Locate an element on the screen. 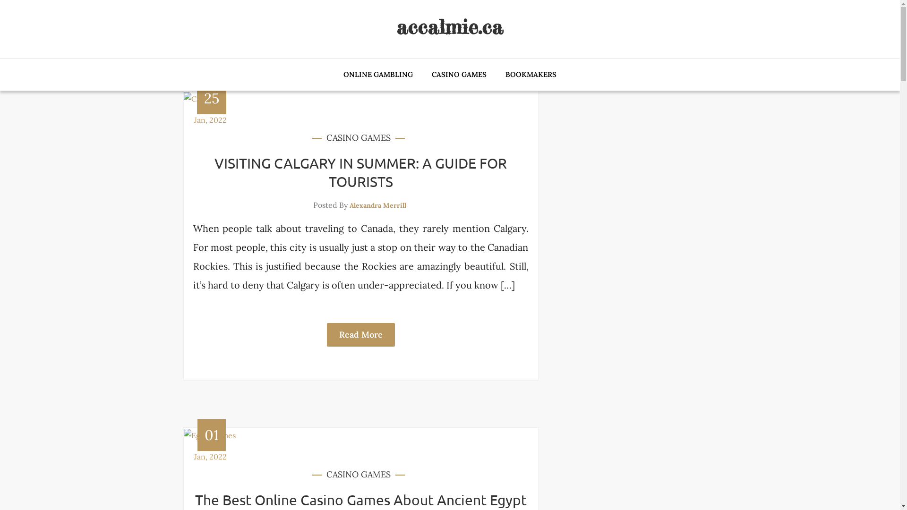 This screenshot has width=907, height=510. 'Alexandra Merrill' is located at coordinates (378, 205).